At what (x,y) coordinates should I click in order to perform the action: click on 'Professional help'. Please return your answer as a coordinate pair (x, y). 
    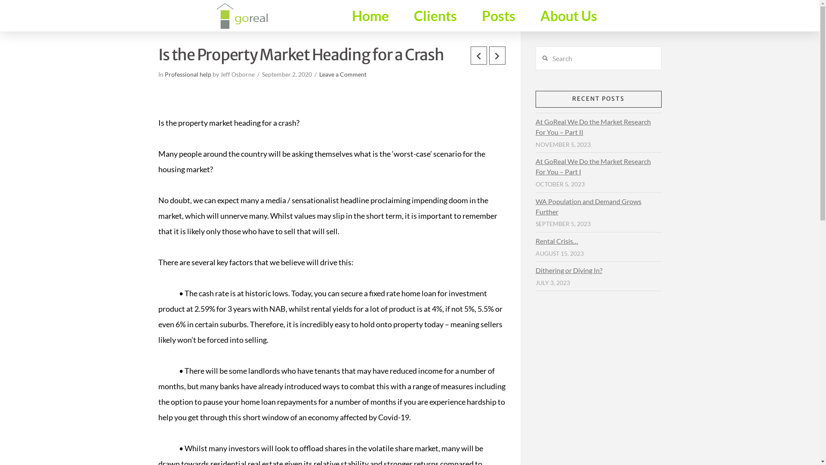
    Looking at the image, I should click on (187, 74).